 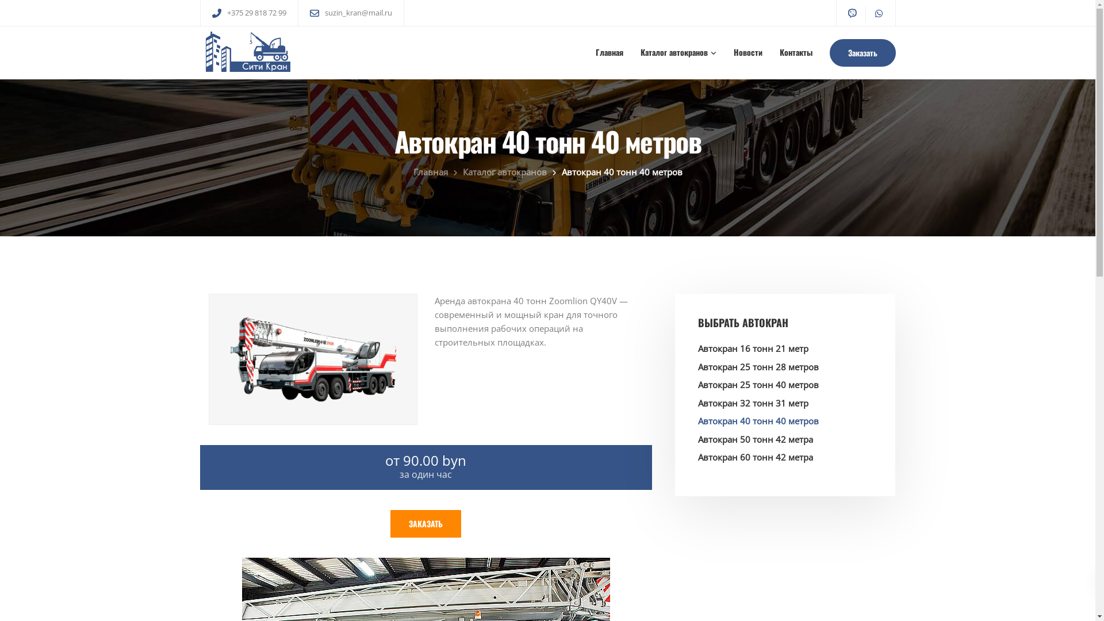 I want to click on '+375 29 818 72 99', so click(x=258, y=13).